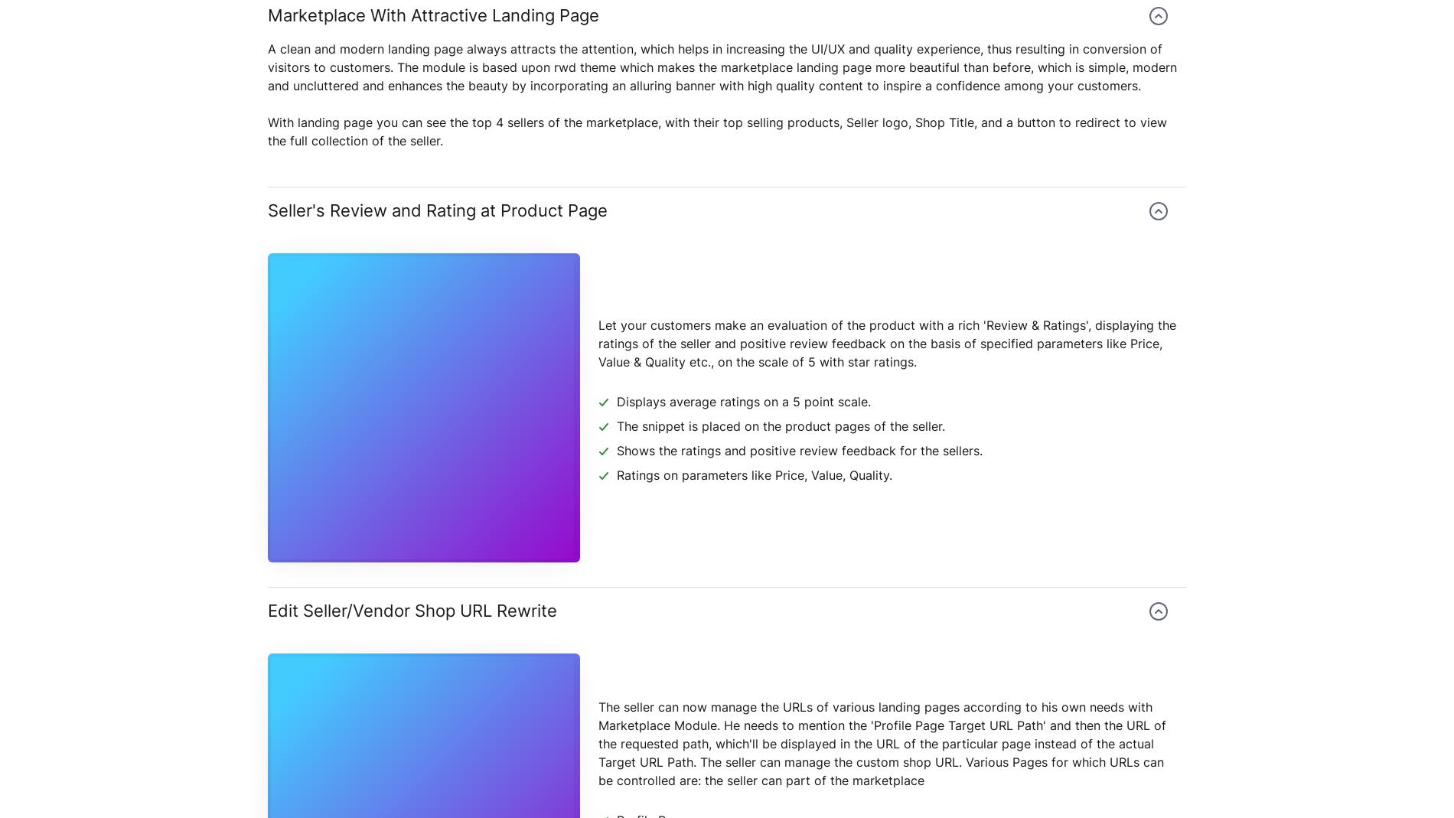 Image resolution: width=1454 pixels, height=818 pixels. What do you see at coordinates (598, 342) in the screenshot?
I see `'Let your customers make an evaluation of the product with a rich 'Review & Ratings', displaying the ratings of the seller and positive review feedback on the basis of specified parameters like Price, Value & Quality etc., on the scale of 5 with star ratings.'` at bounding box center [598, 342].